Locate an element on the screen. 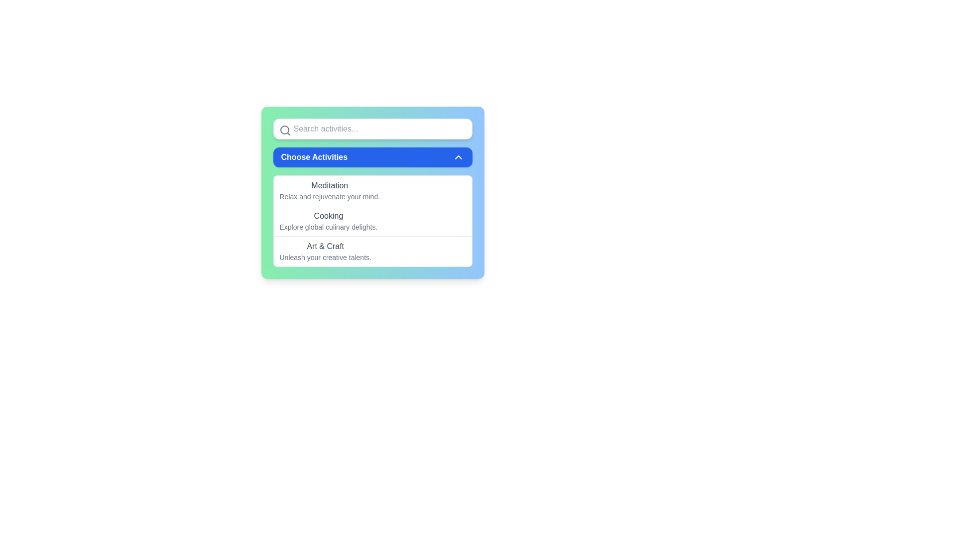 The width and height of the screenshot is (956, 538). an activity in the Card with an interactive list of options is located at coordinates (372, 192).